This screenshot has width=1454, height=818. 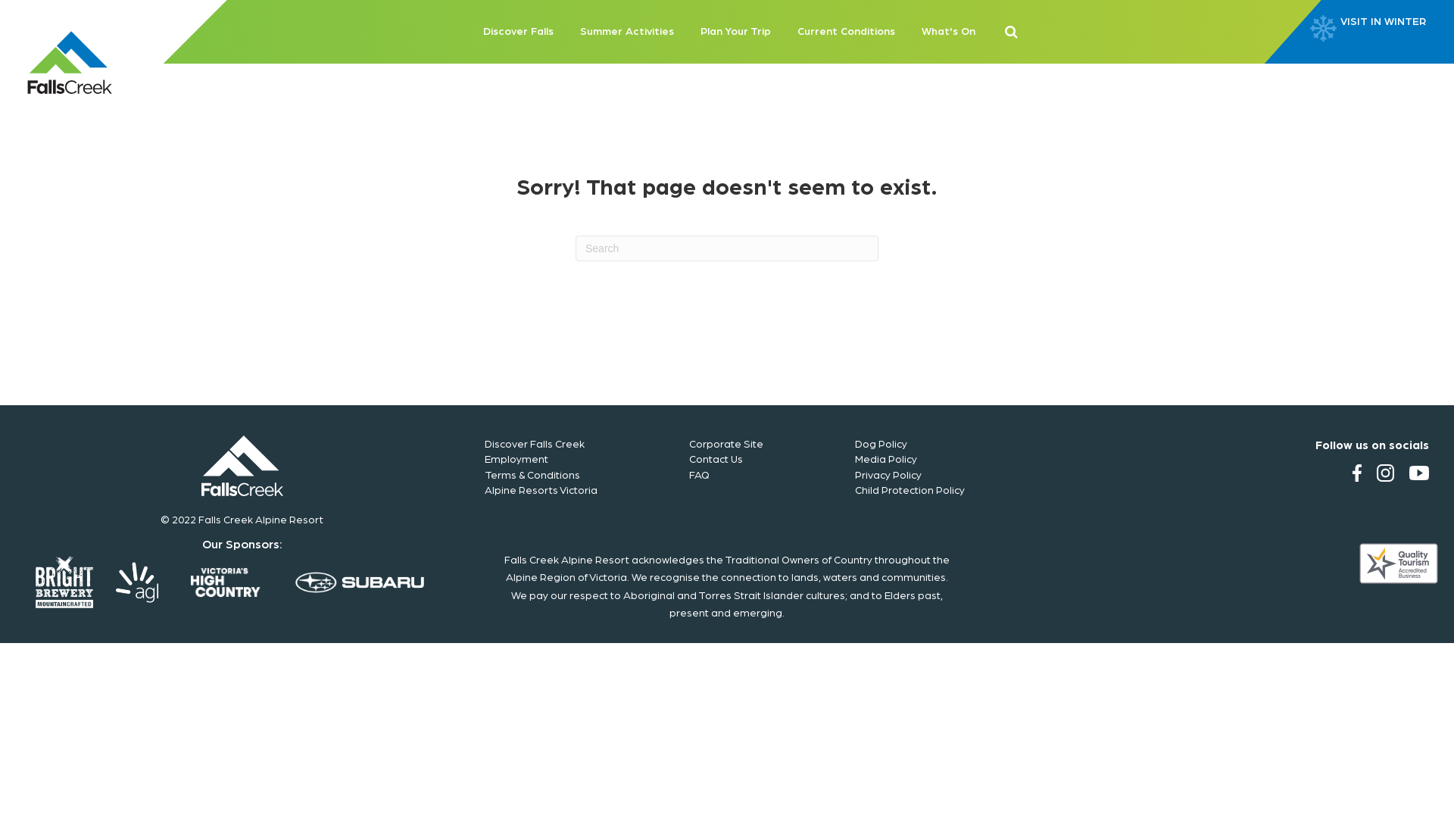 I want to click on 'Corporate Site', so click(x=725, y=443).